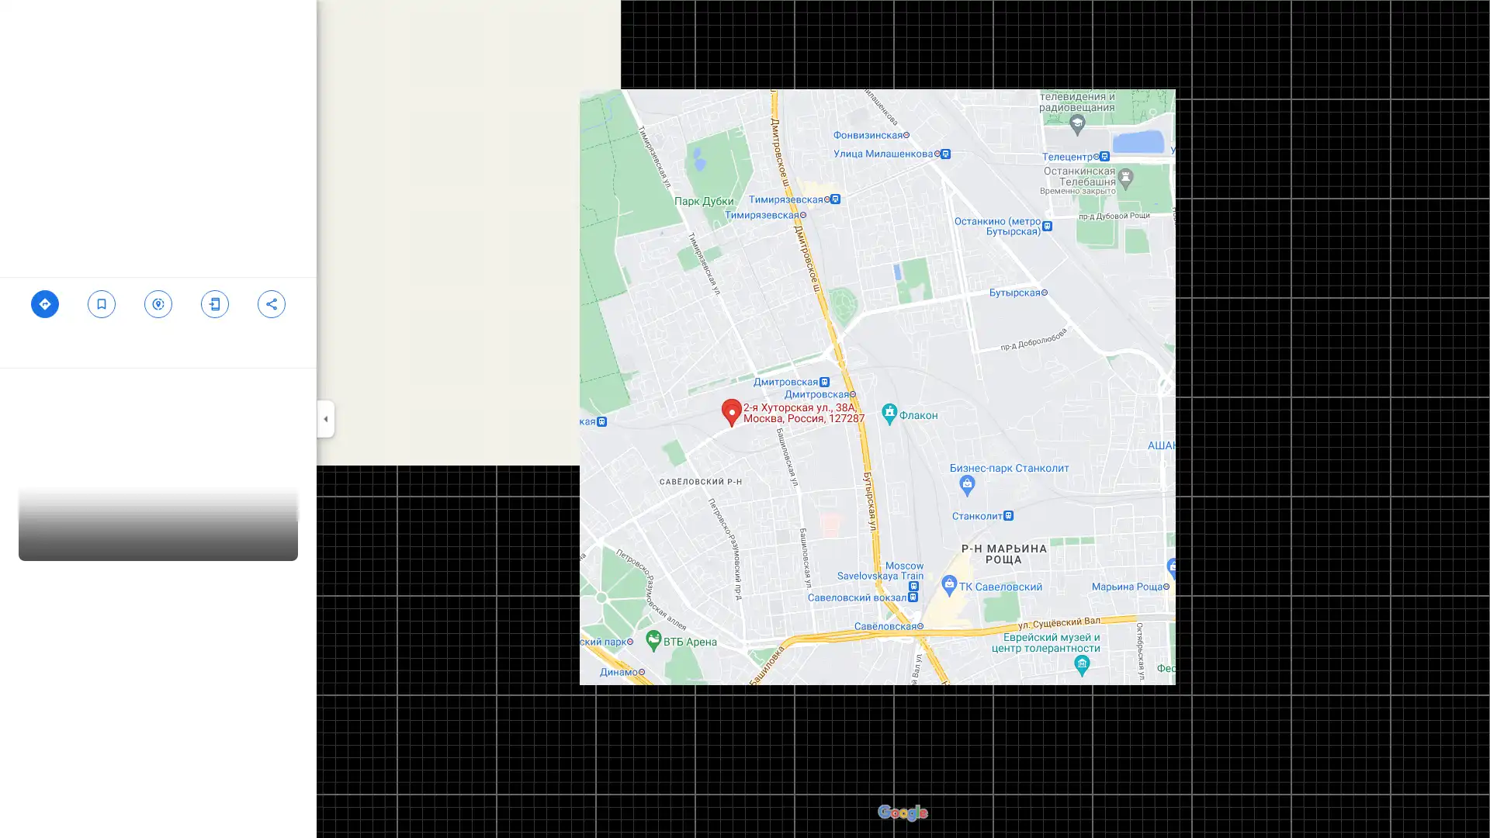 The width and height of the screenshot is (1490, 838). Describe the element at coordinates (255, 383) in the screenshot. I see `Plus Code` at that location.